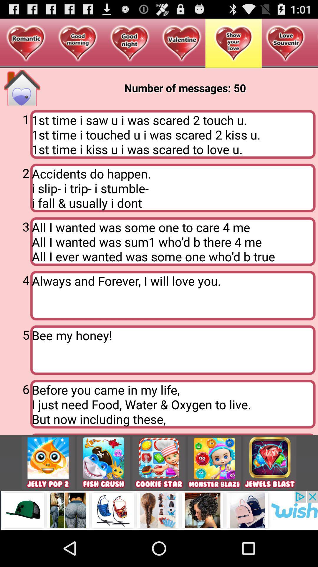  What do you see at coordinates (103, 462) in the screenshot?
I see `open fish crush game` at bounding box center [103, 462].